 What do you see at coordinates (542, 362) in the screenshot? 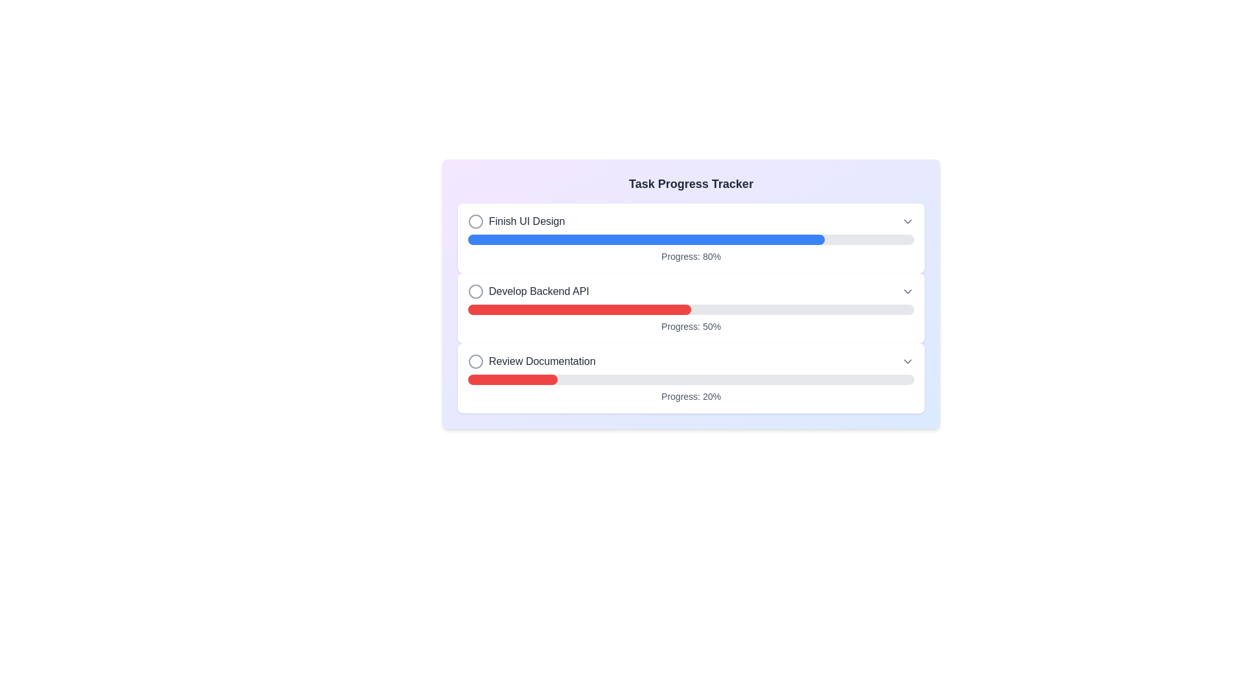
I see `the 'Review Documentation' text label in the task progress tracking component` at bounding box center [542, 362].